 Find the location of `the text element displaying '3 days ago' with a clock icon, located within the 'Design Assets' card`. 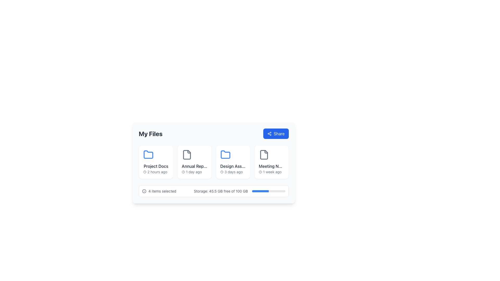

the text element displaying '3 days ago' with a clock icon, located within the 'Design Assets' card is located at coordinates (233, 172).